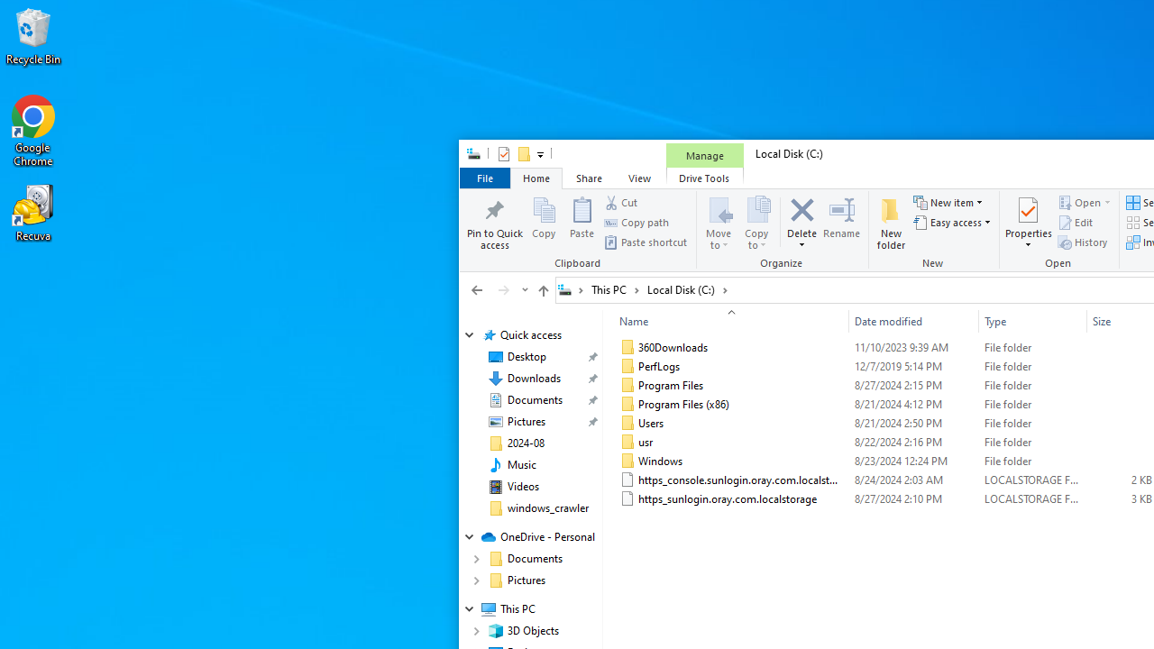  What do you see at coordinates (522, 487) in the screenshot?
I see `'Videos'` at bounding box center [522, 487].